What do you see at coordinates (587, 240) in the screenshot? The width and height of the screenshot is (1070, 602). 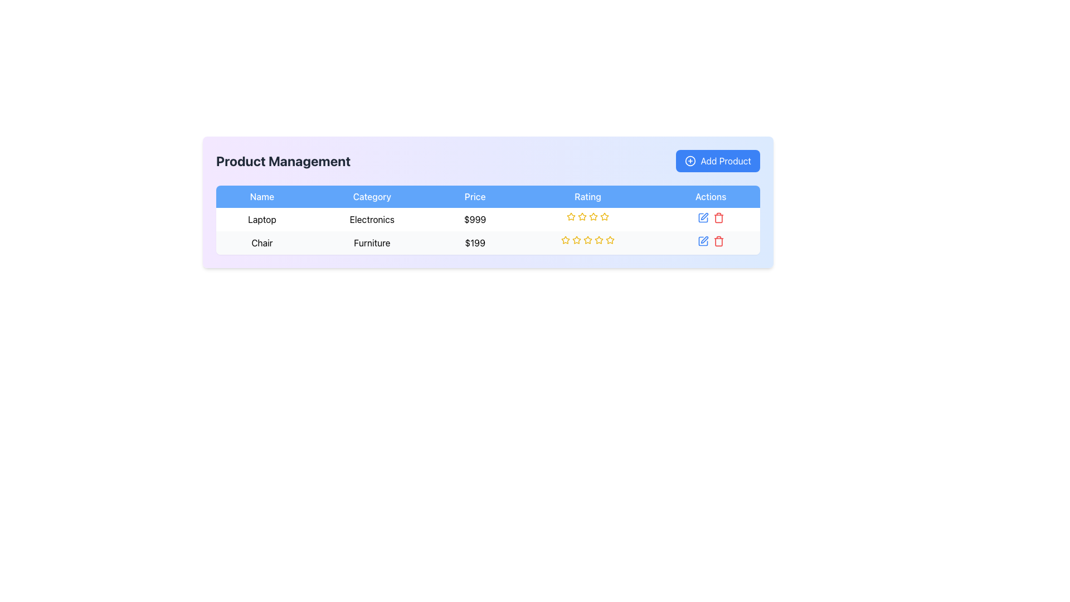 I see `the fourth star icon in the rating column of the second table row for the product 'Chair'` at bounding box center [587, 240].